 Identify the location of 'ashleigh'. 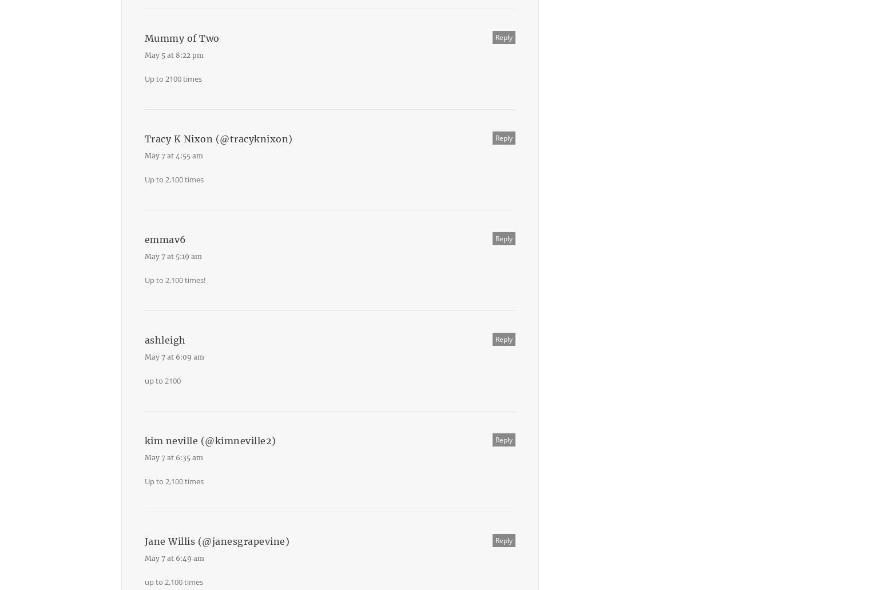
(144, 340).